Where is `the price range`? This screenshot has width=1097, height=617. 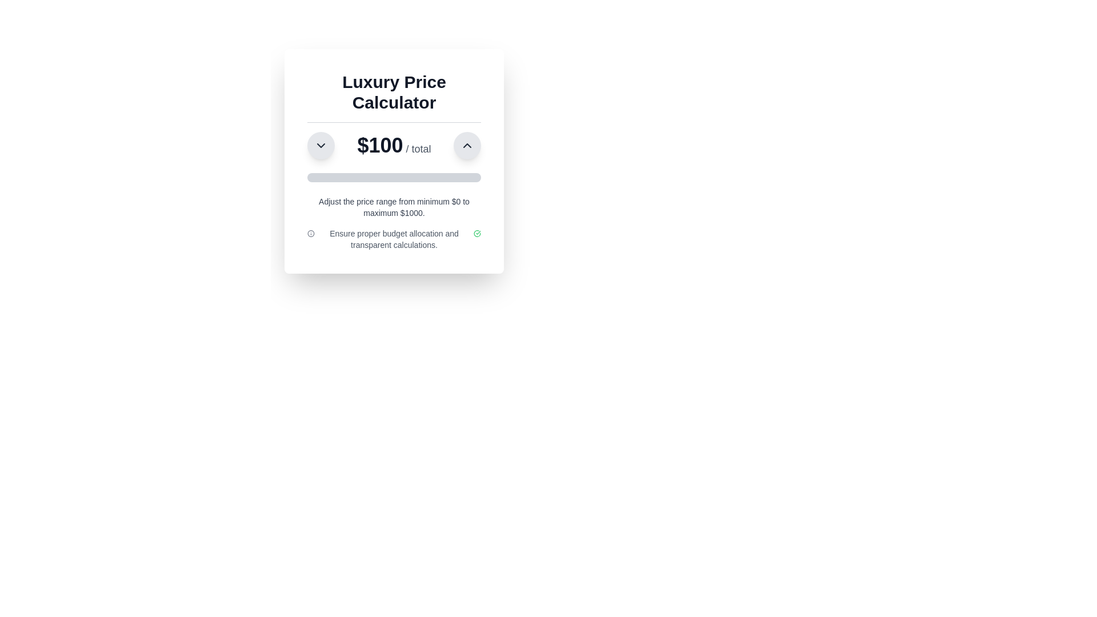 the price range is located at coordinates (335, 178).